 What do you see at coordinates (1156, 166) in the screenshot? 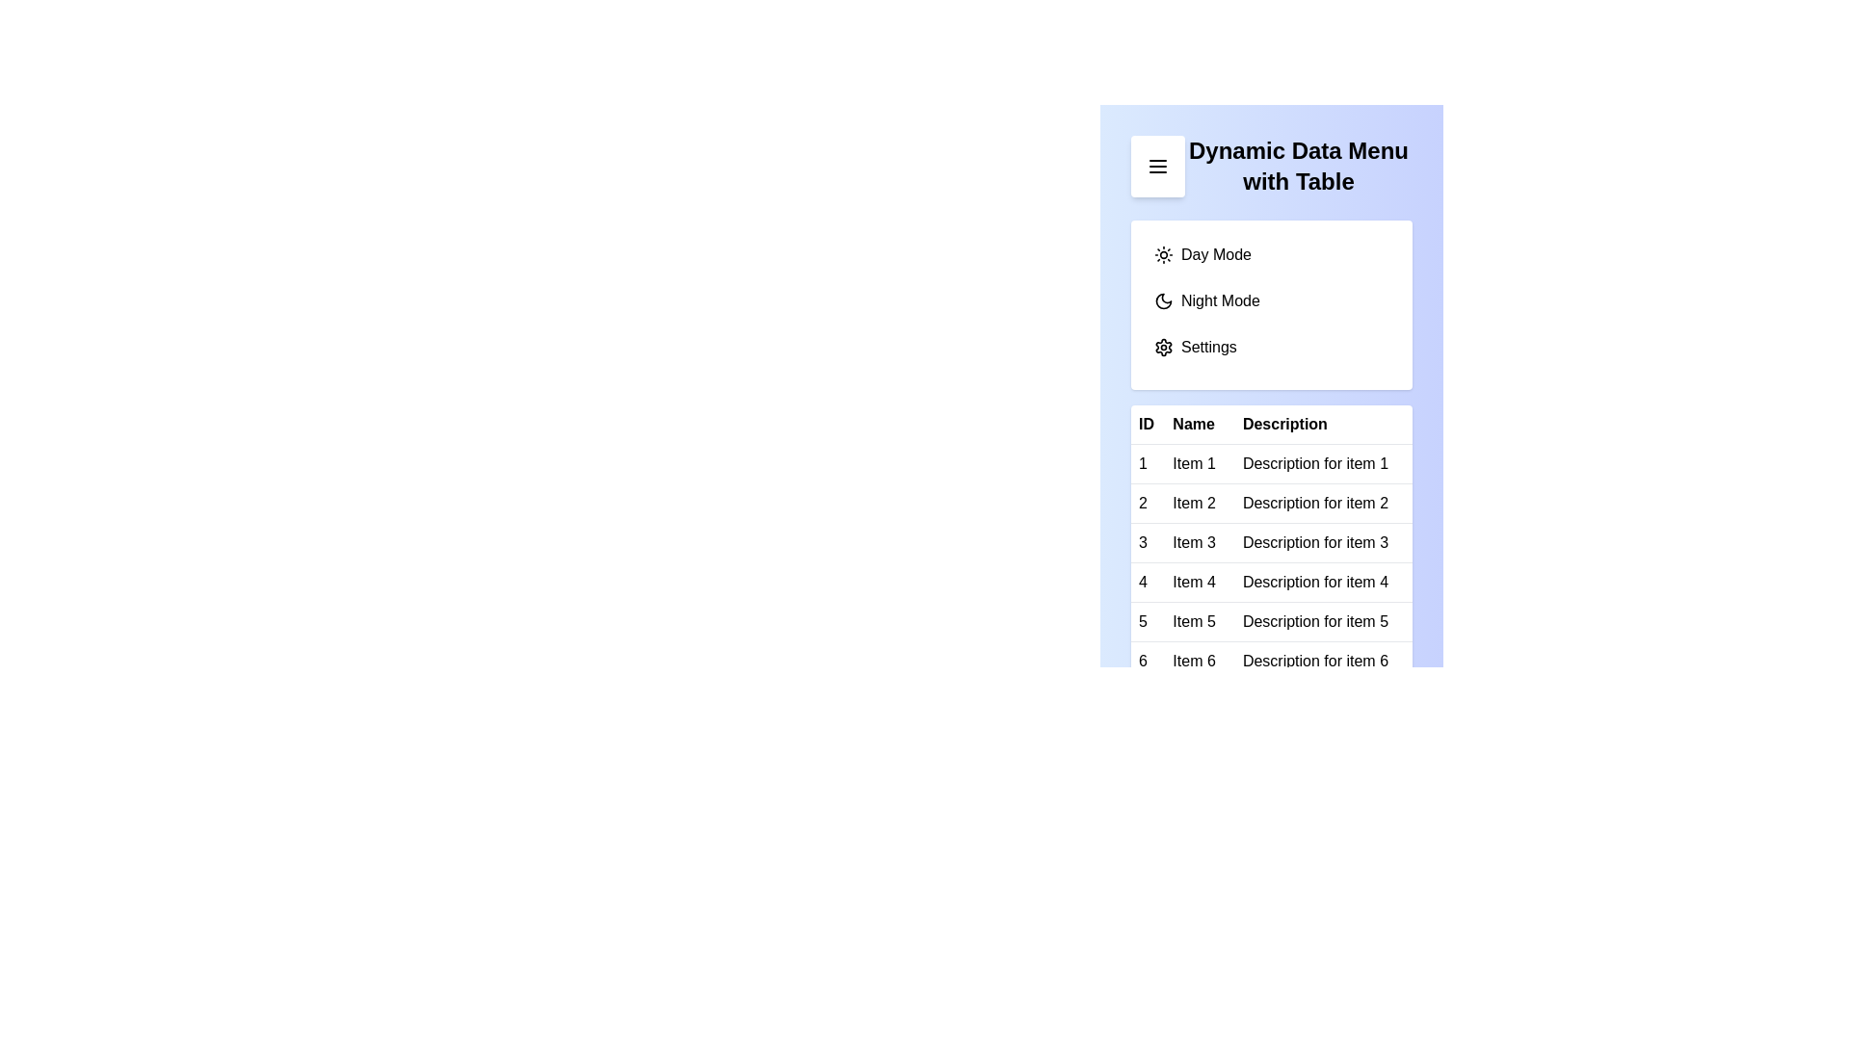
I see `menu button to toggle the menu visibility` at bounding box center [1156, 166].